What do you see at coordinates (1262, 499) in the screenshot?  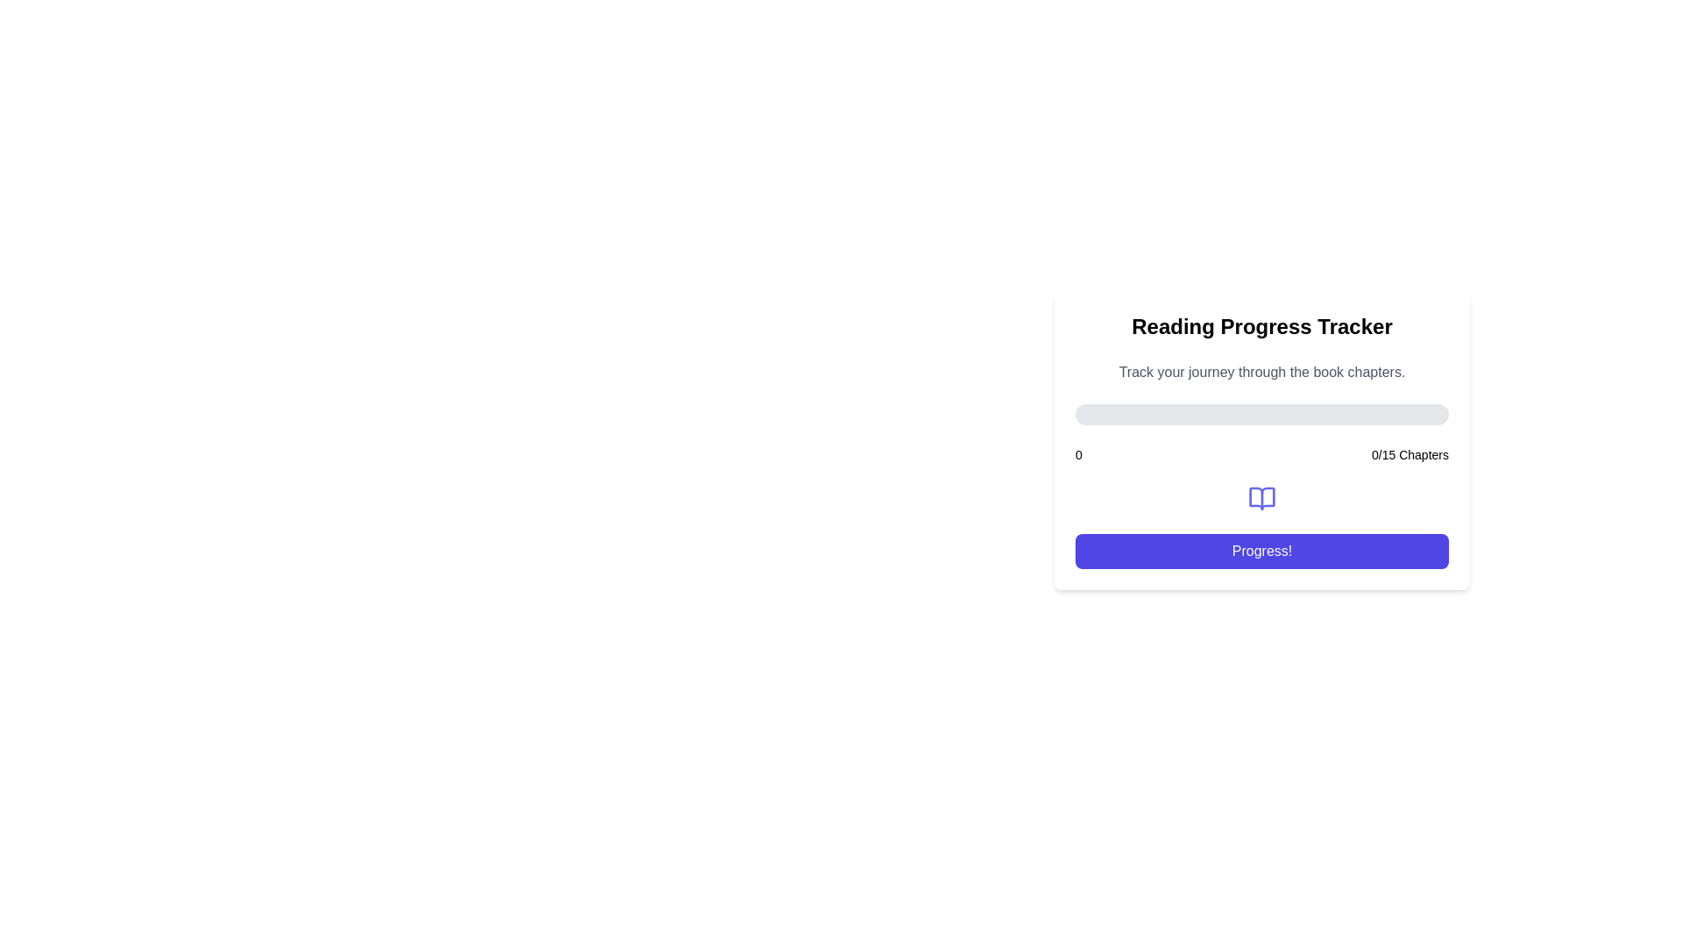 I see `the decorative book-related icon that represents the progress tracker feature, located below '0/15 Chapters' and above the 'Progress!' button` at bounding box center [1262, 499].